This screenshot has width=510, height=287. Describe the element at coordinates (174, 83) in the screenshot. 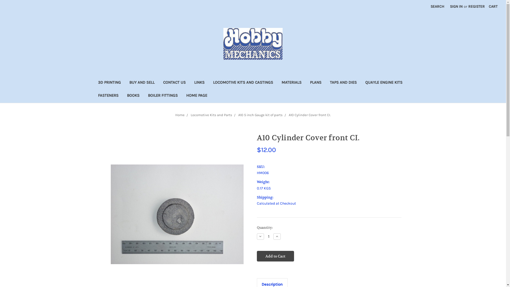

I see `'CONTACT US'` at that location.